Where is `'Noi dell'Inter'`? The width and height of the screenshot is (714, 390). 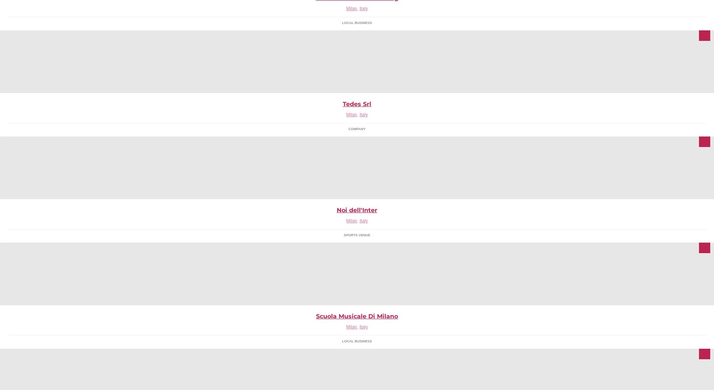
'Noi dell'Inter' is located at coordinates (357, 210).